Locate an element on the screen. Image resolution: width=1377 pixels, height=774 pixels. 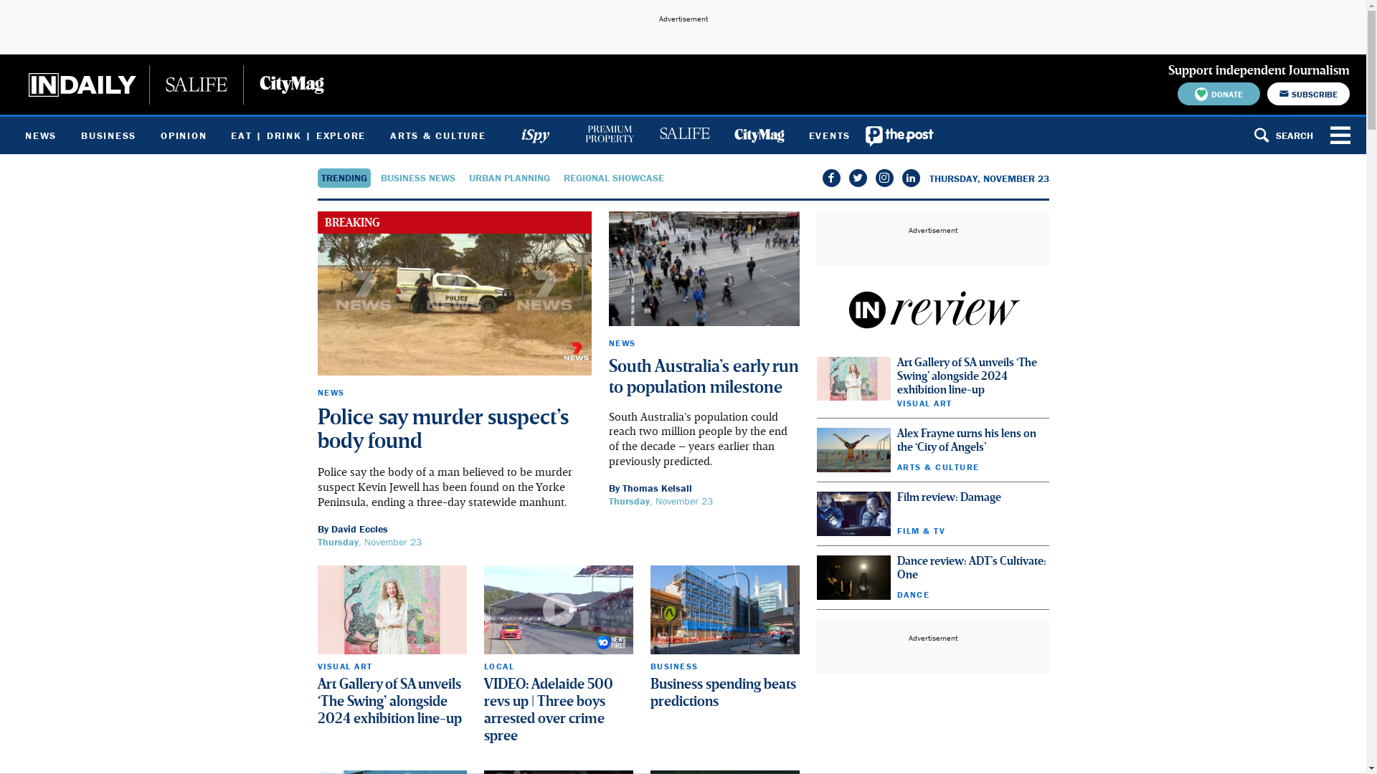
'URBAN PLANNING' is located at coordinates (509, 176).